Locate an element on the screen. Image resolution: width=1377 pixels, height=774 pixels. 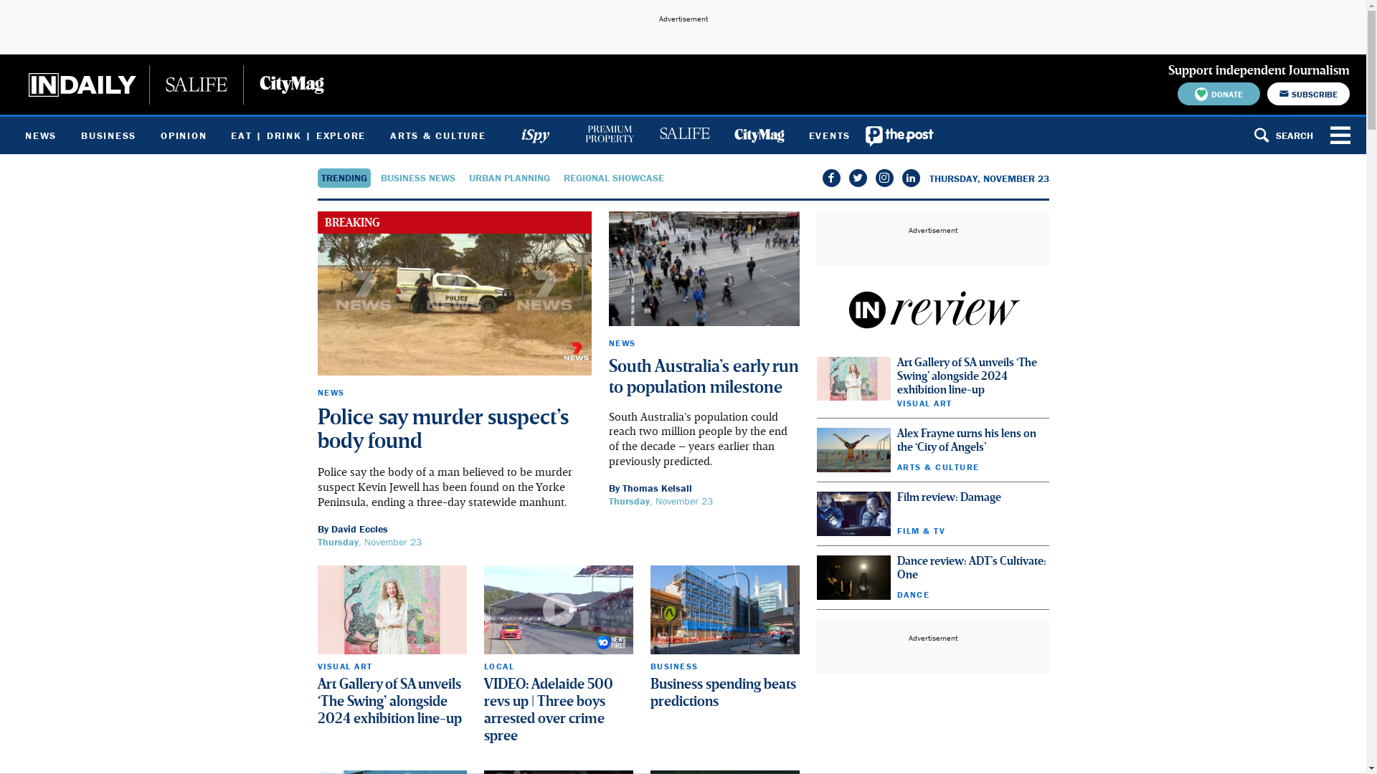
'URBAN PLANNING' is located at coordinates (509, 176).